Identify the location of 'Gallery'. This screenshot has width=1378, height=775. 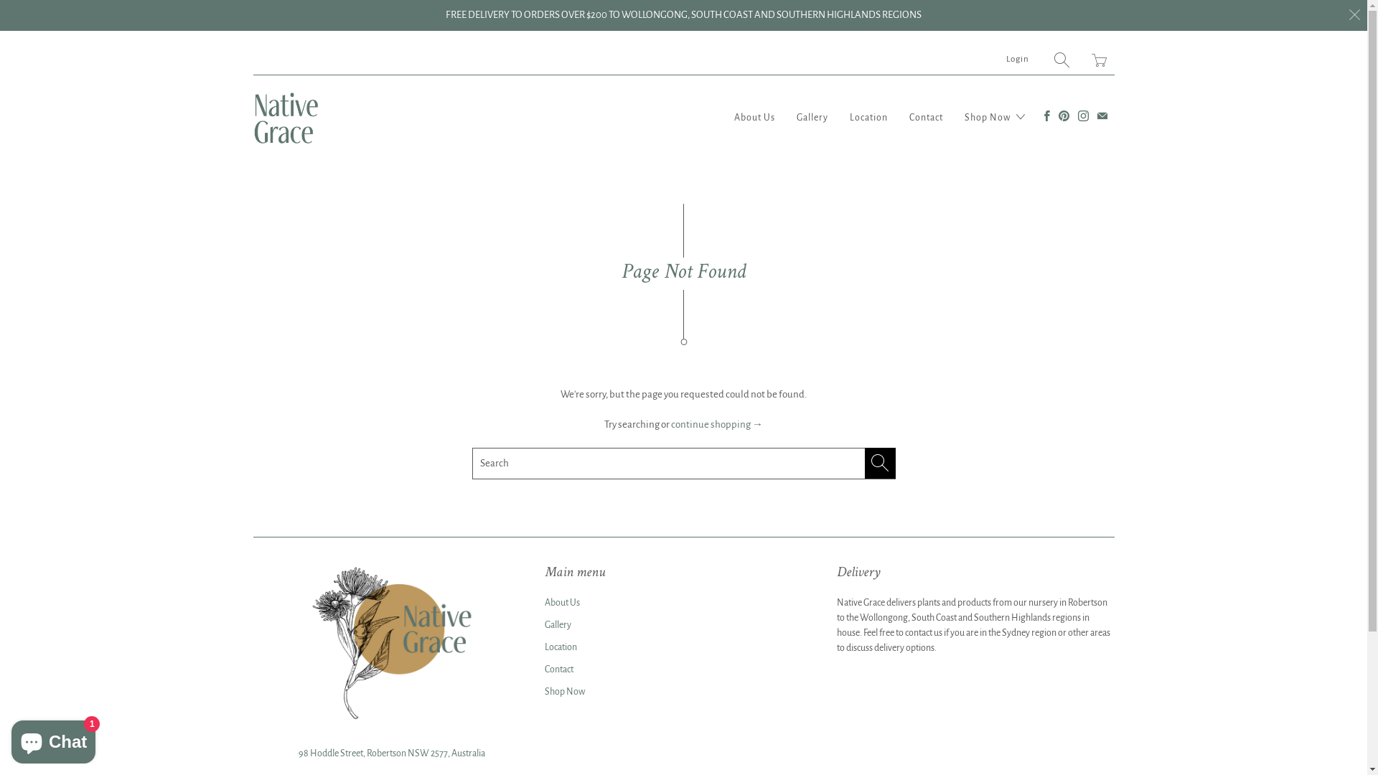
(543, 624).